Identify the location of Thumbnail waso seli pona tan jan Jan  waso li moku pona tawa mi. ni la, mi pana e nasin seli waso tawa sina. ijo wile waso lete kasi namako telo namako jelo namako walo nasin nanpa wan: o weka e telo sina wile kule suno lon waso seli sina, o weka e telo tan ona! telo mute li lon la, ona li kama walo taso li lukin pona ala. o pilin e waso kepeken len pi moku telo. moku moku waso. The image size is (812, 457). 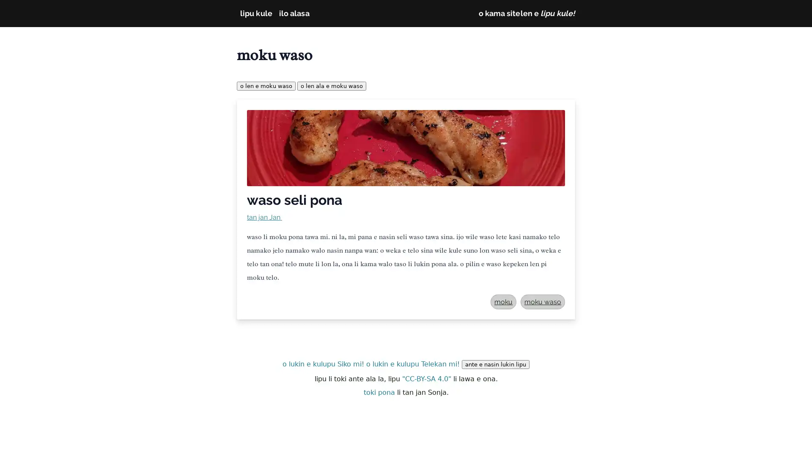
(406, 209).